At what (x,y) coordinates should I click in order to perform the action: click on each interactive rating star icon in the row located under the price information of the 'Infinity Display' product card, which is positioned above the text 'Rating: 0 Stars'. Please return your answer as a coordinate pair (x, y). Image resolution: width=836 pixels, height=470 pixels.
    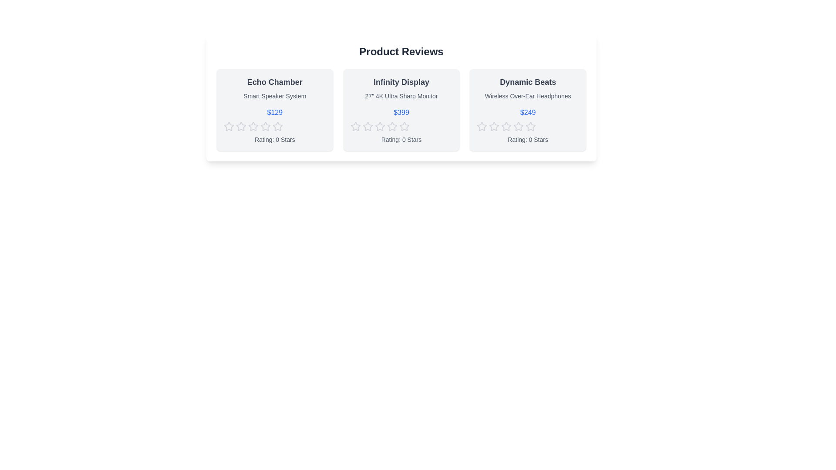
    Looking at the image, I should click on (401, 126).